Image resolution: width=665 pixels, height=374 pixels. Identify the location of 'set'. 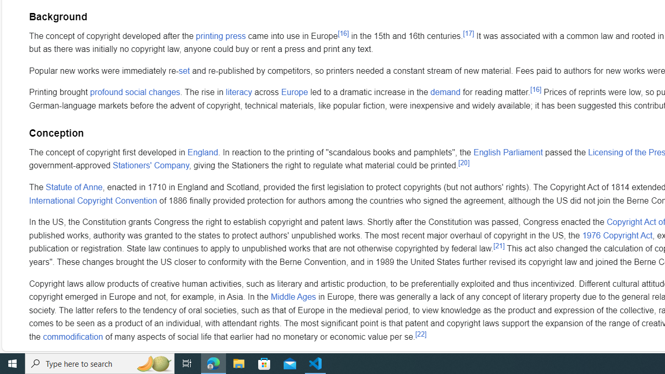
(184, 70).